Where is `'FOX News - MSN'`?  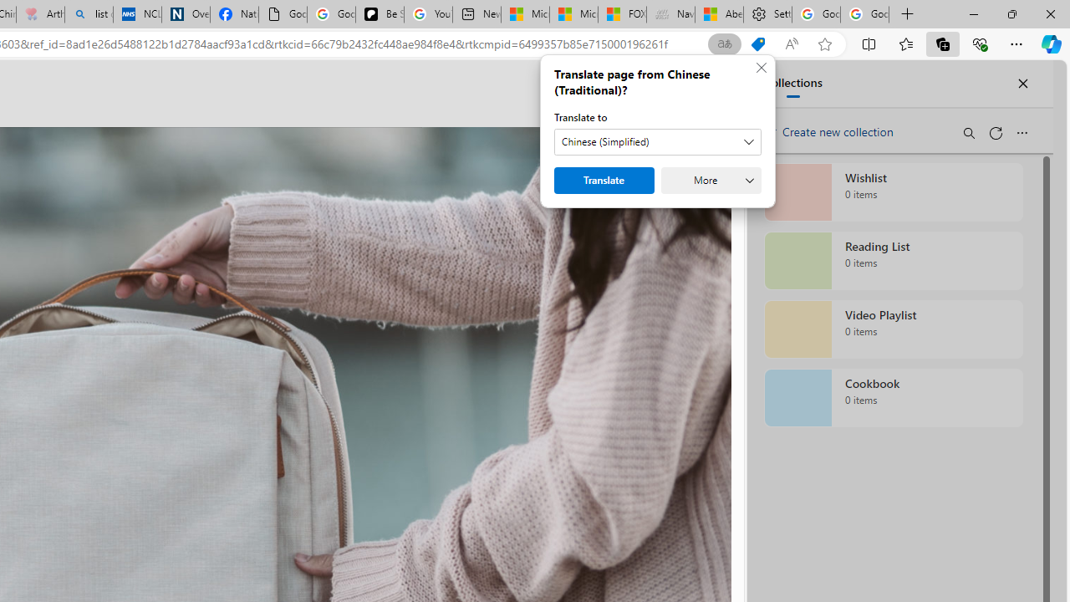
'FOX News - MSN' is located at coordinates (621, 14).